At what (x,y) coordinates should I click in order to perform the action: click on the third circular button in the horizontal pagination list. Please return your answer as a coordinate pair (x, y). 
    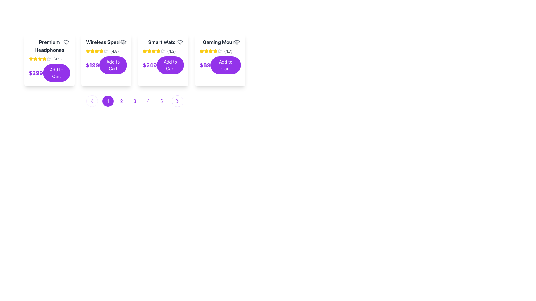
    Looking at the image, I should click on (135, 101).